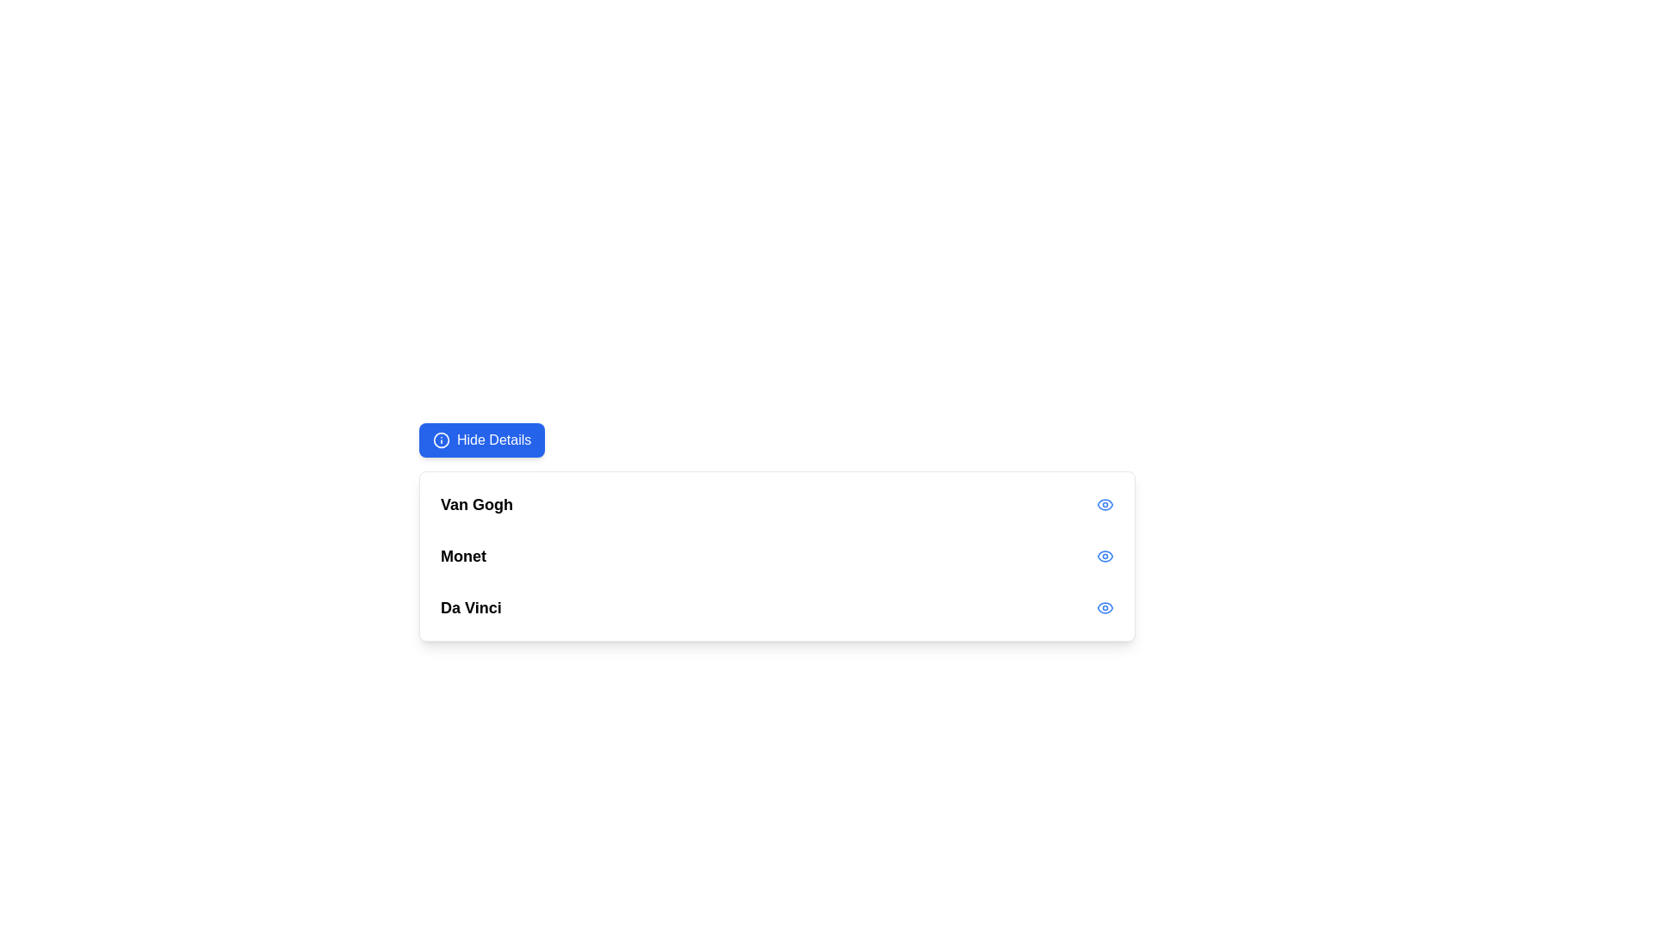 Image resolution: width=1653 pixels, height=929 pixels. I want to click on the icon located at the top-left corner of the 'Hide Details' button, which serves as an accent to indicate relevance to the button's action, so click(442, 440).